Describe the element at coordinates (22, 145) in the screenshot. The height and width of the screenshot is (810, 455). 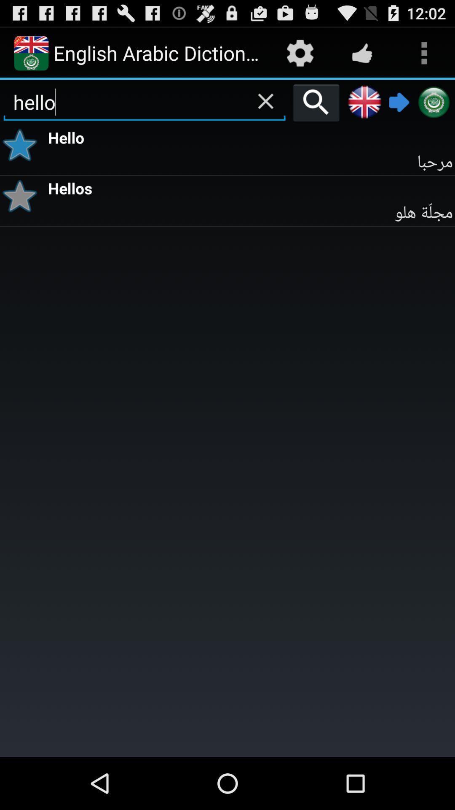
I see `preference button` at that location.